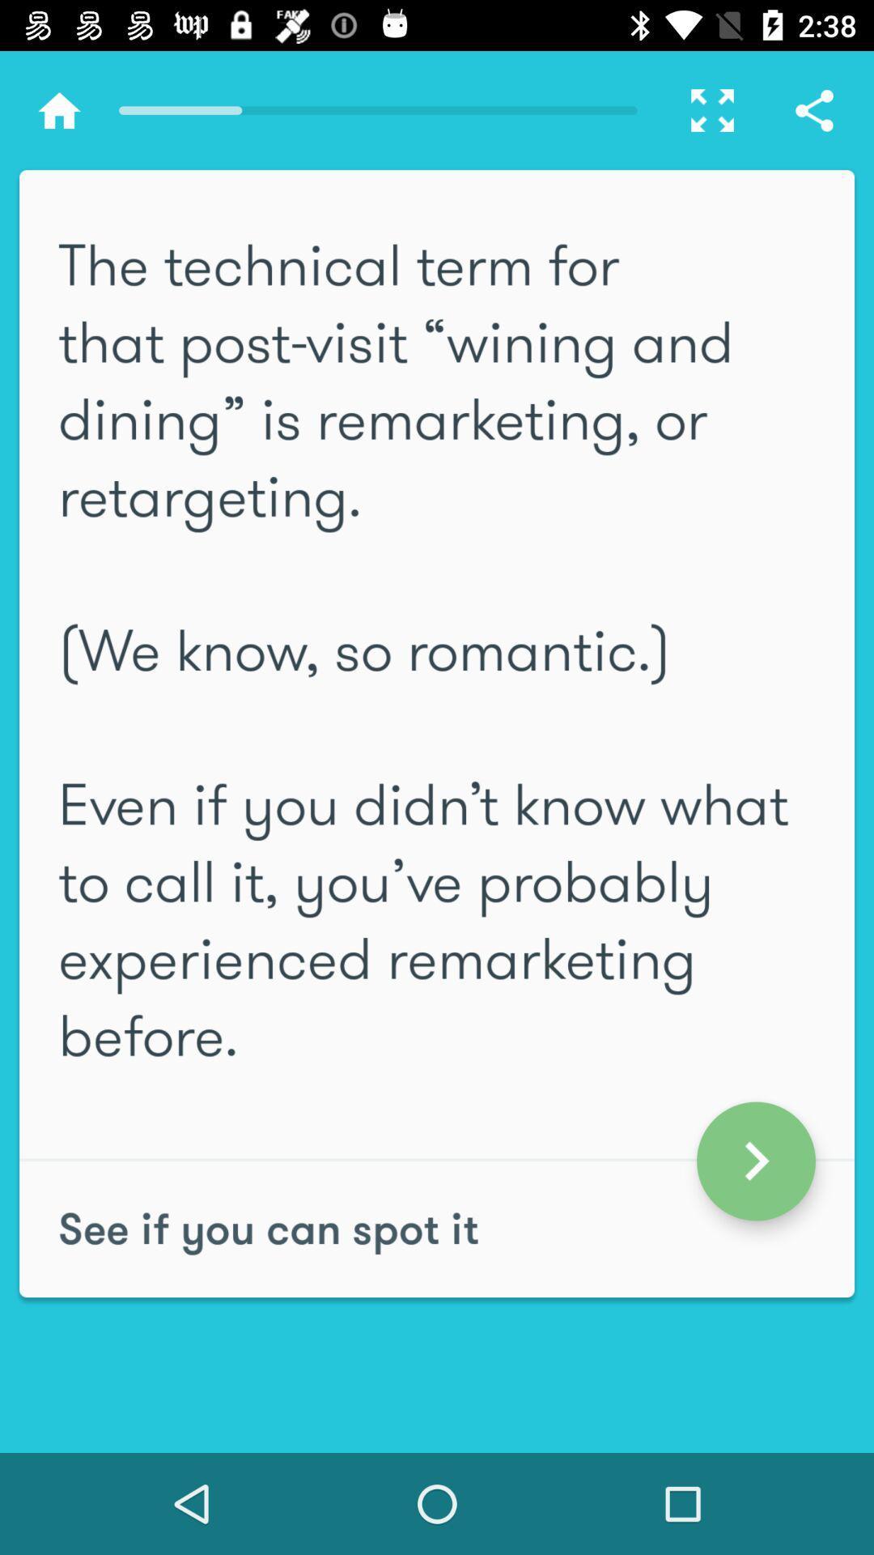 The width and height of the screenshot is (874, 1555). Describe the element at coordinates (703, 109) in the screenshot. I see `the fullscreen icon` at that location.